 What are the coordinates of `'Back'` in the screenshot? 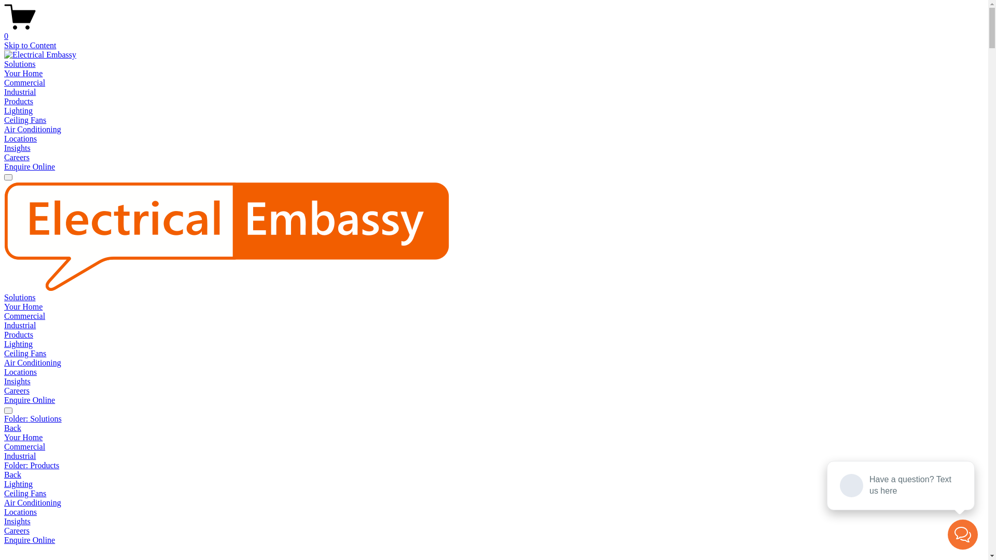 It's located at (12, 428).